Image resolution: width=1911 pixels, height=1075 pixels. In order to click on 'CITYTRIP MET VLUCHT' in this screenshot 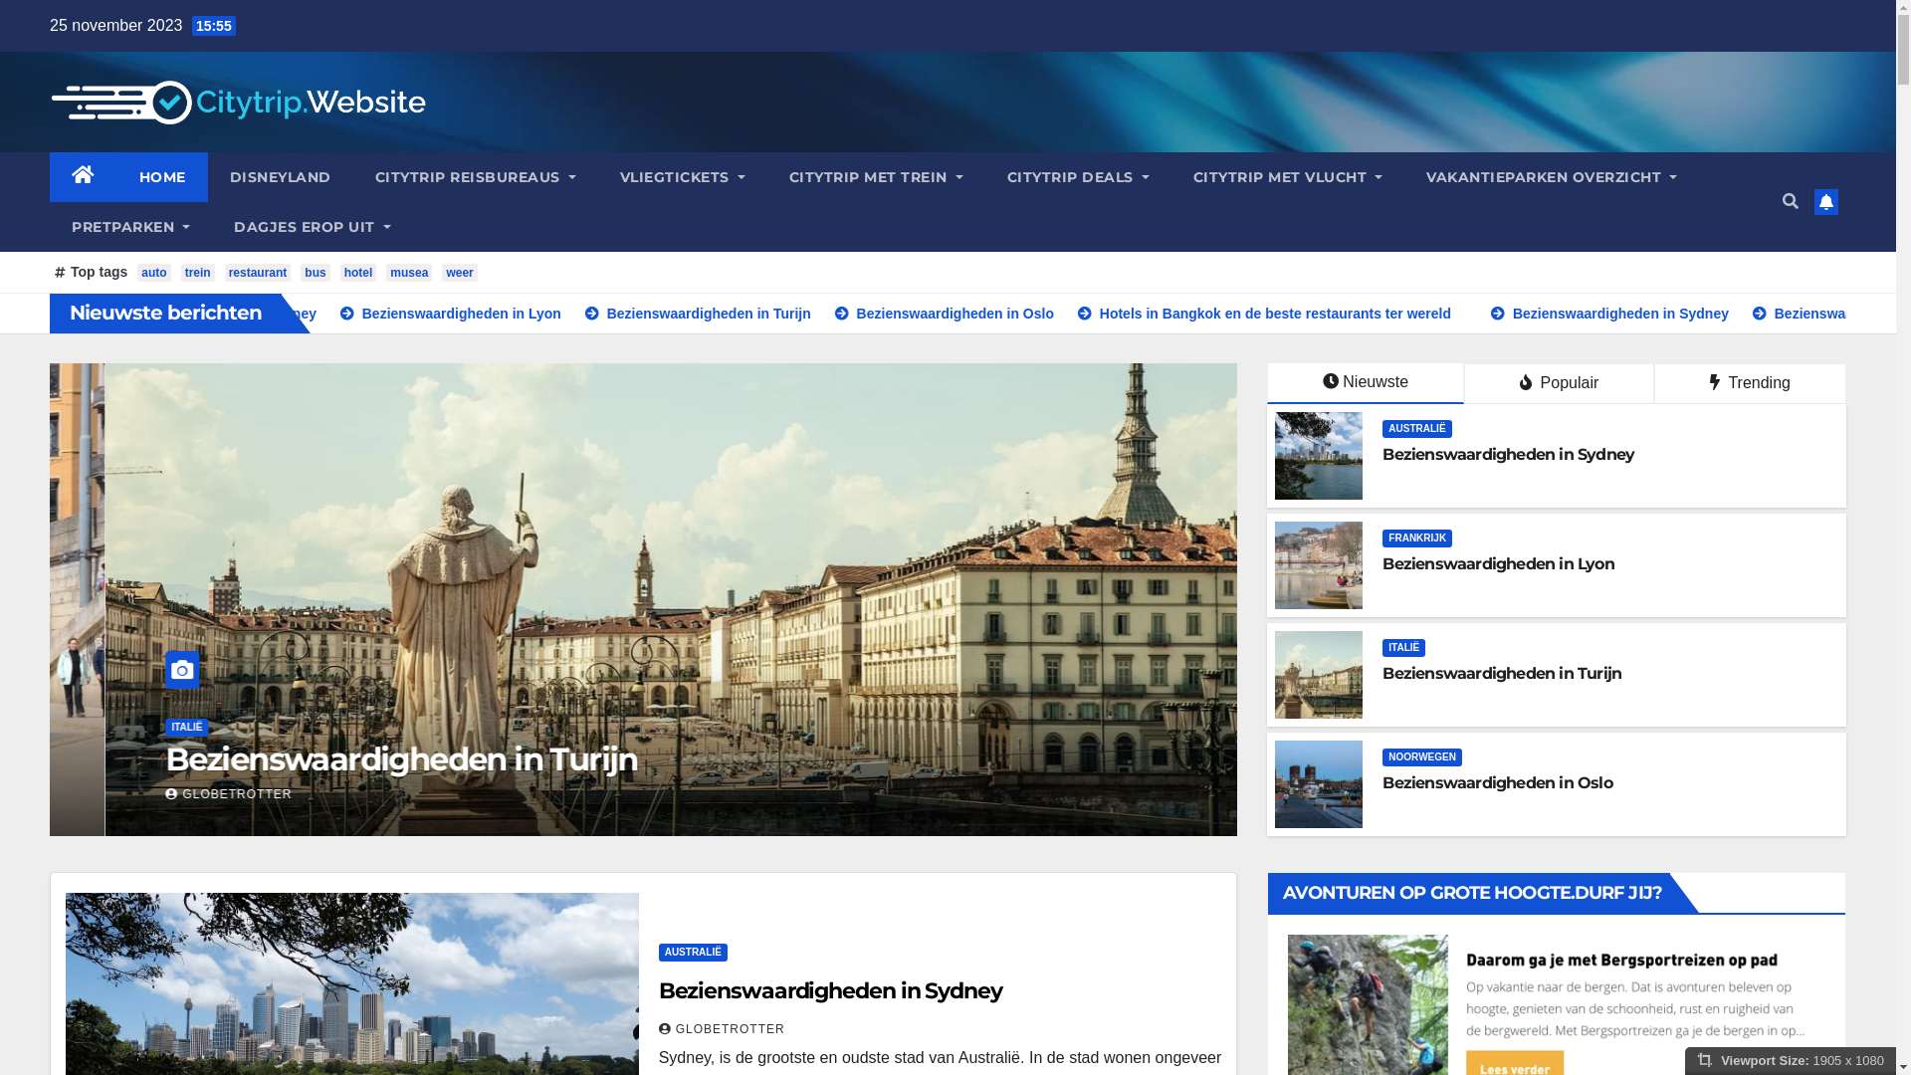, I will do `click(1288, 175)`.